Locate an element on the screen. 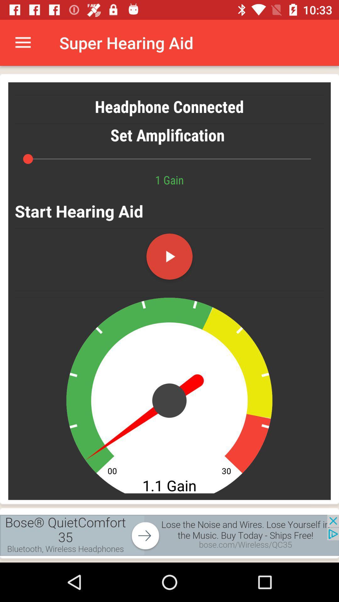 This screenshot has height=602, width=339. the play icon is located at coordinates (169, 256).